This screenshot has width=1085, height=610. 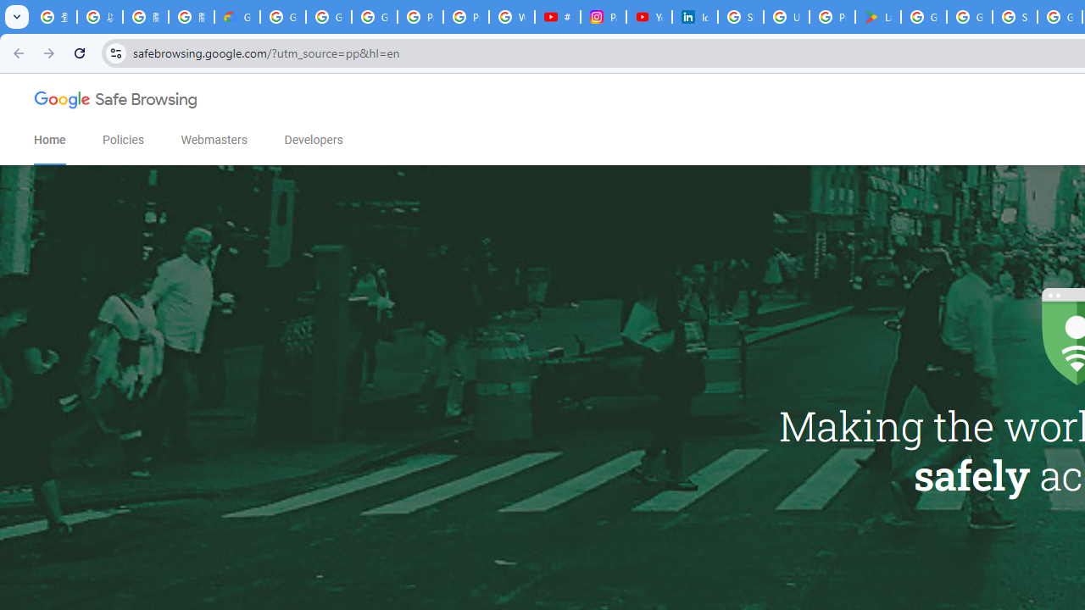 I want to click on 'Sign in - Google Accounts', so click(x=741, y=17).